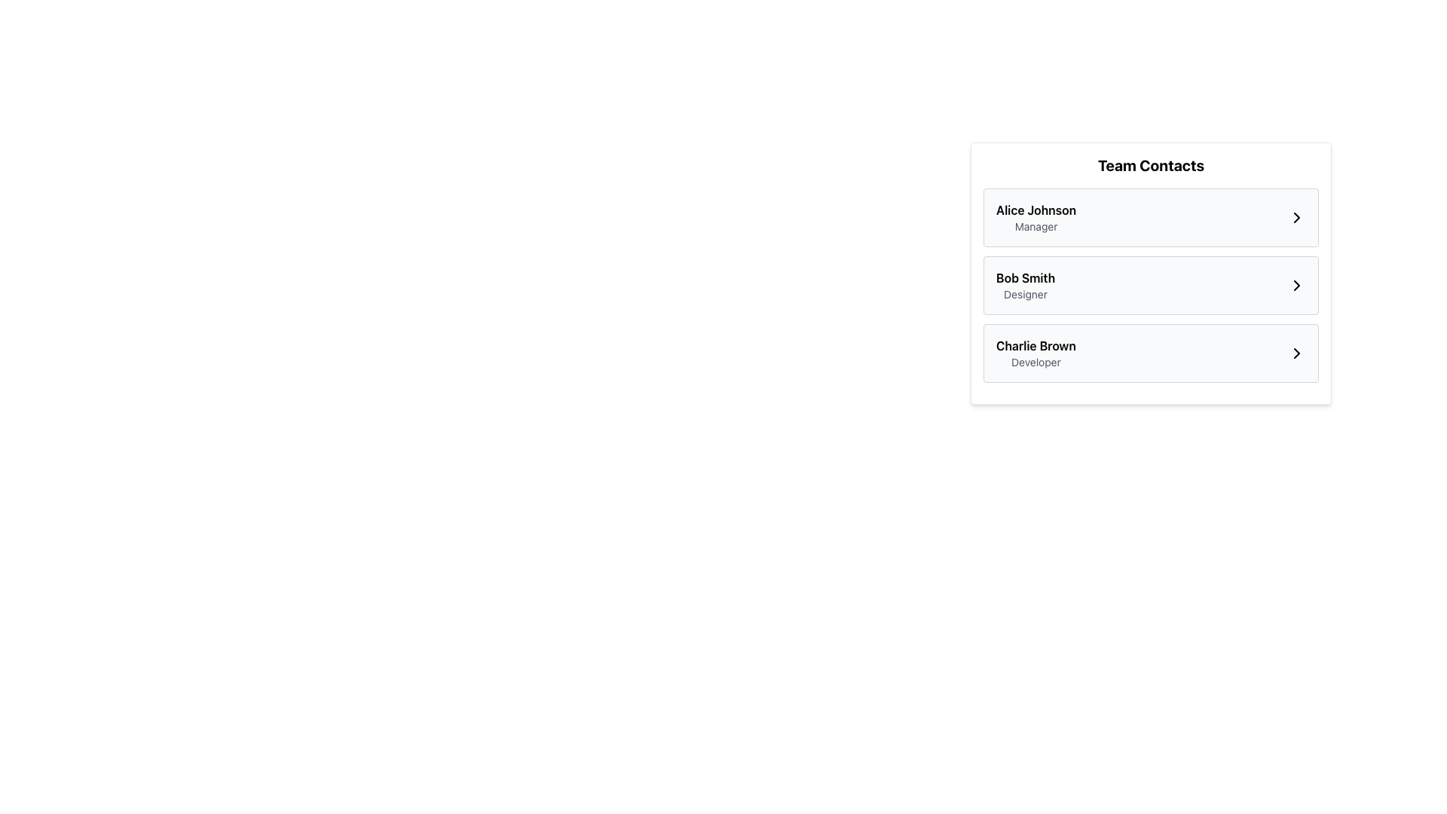 The height and width of the screenshot is (814, 1447). I want to click on the contact entry for 'Charlie Brown', whose role is 'Developer', in the Team Contacts section, so click(1150, 353).